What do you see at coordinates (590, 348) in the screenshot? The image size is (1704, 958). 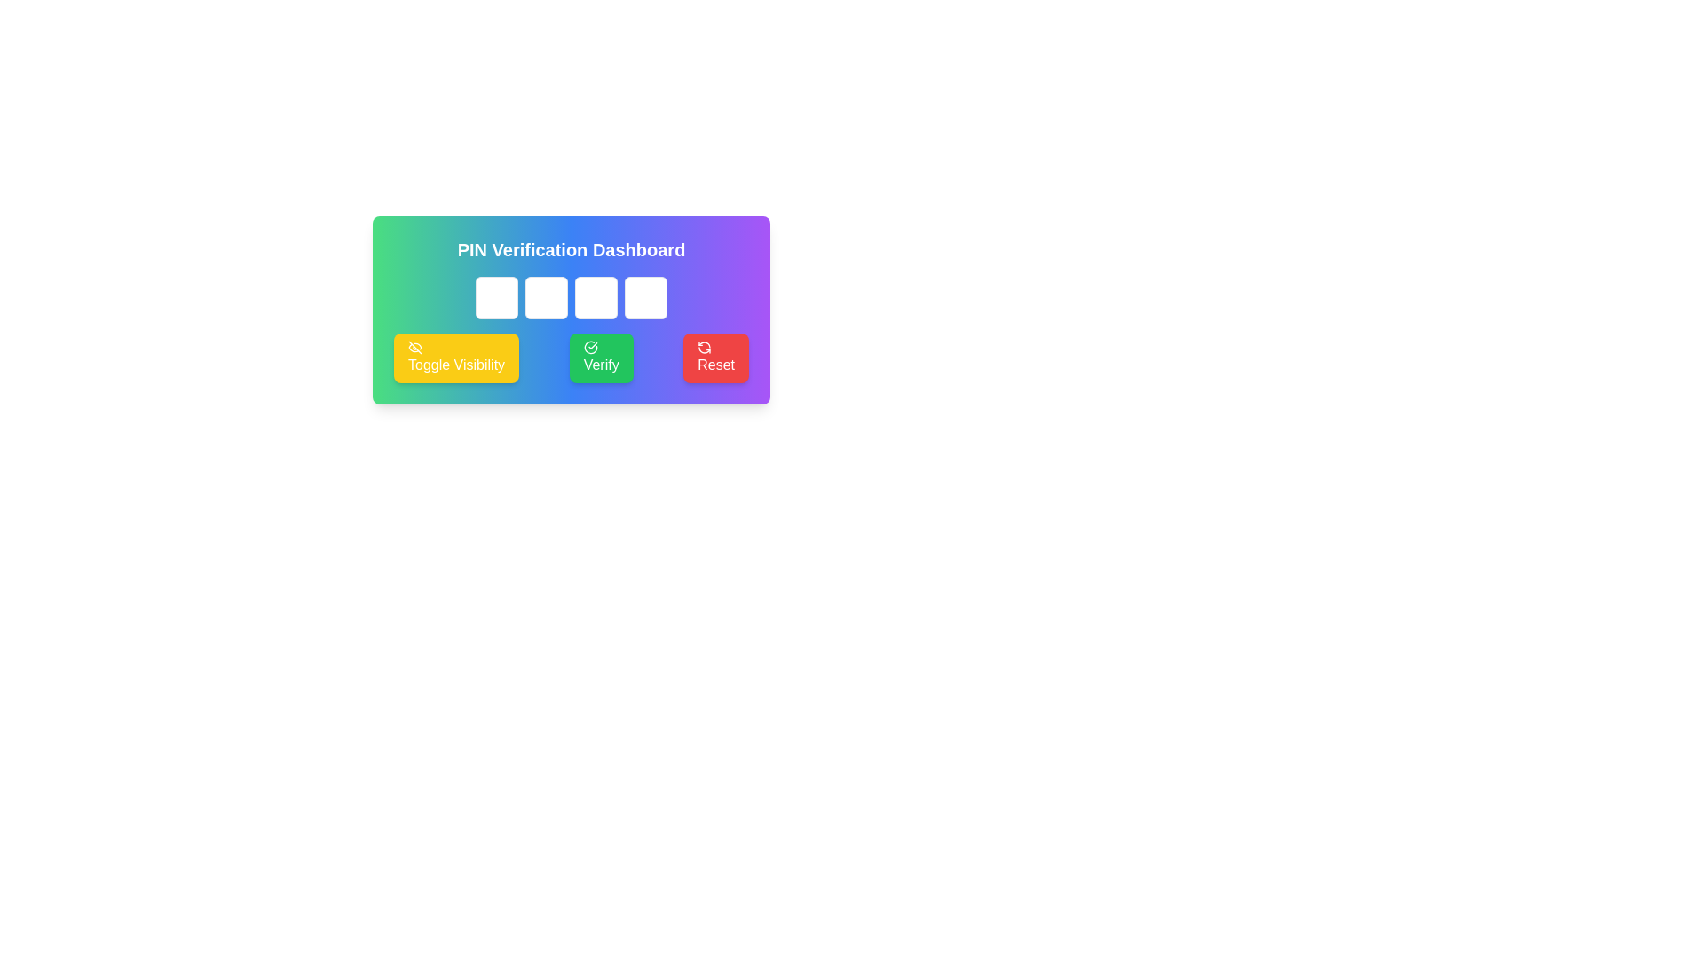 I see `the circular checkmark icon that is centrally positioned within the green 'Verify' button` at bounding box center [590, 348].